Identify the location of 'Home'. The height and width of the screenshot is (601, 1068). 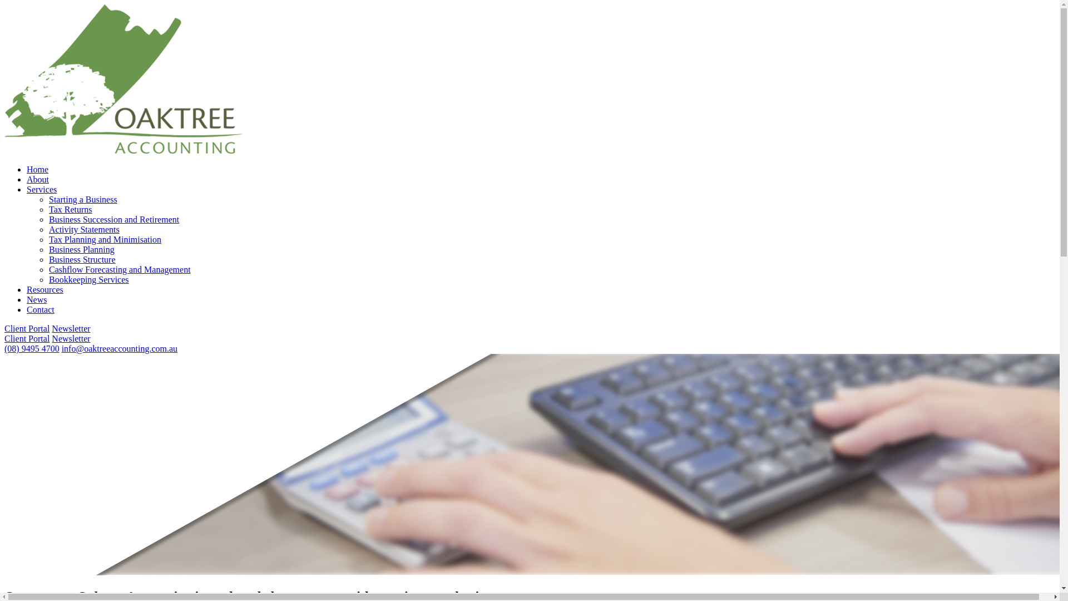
(27, 169).